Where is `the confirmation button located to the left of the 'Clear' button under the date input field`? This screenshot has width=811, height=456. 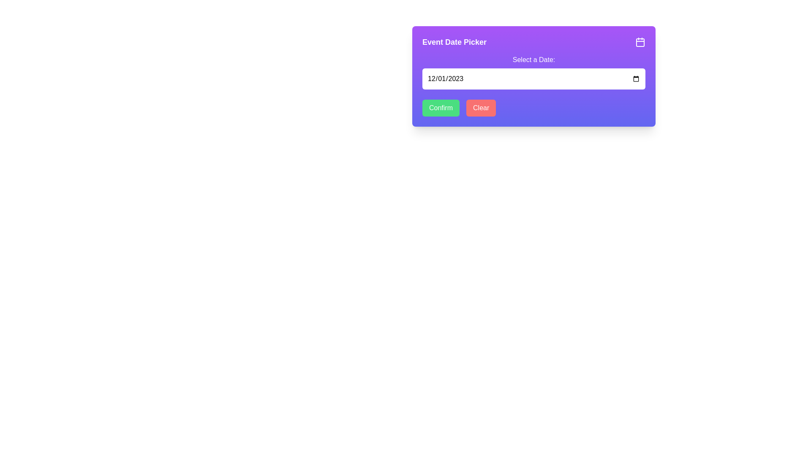 the confirmation button located to the left of the 'Clear' button under the date input field is located at coordinates (441, 107).